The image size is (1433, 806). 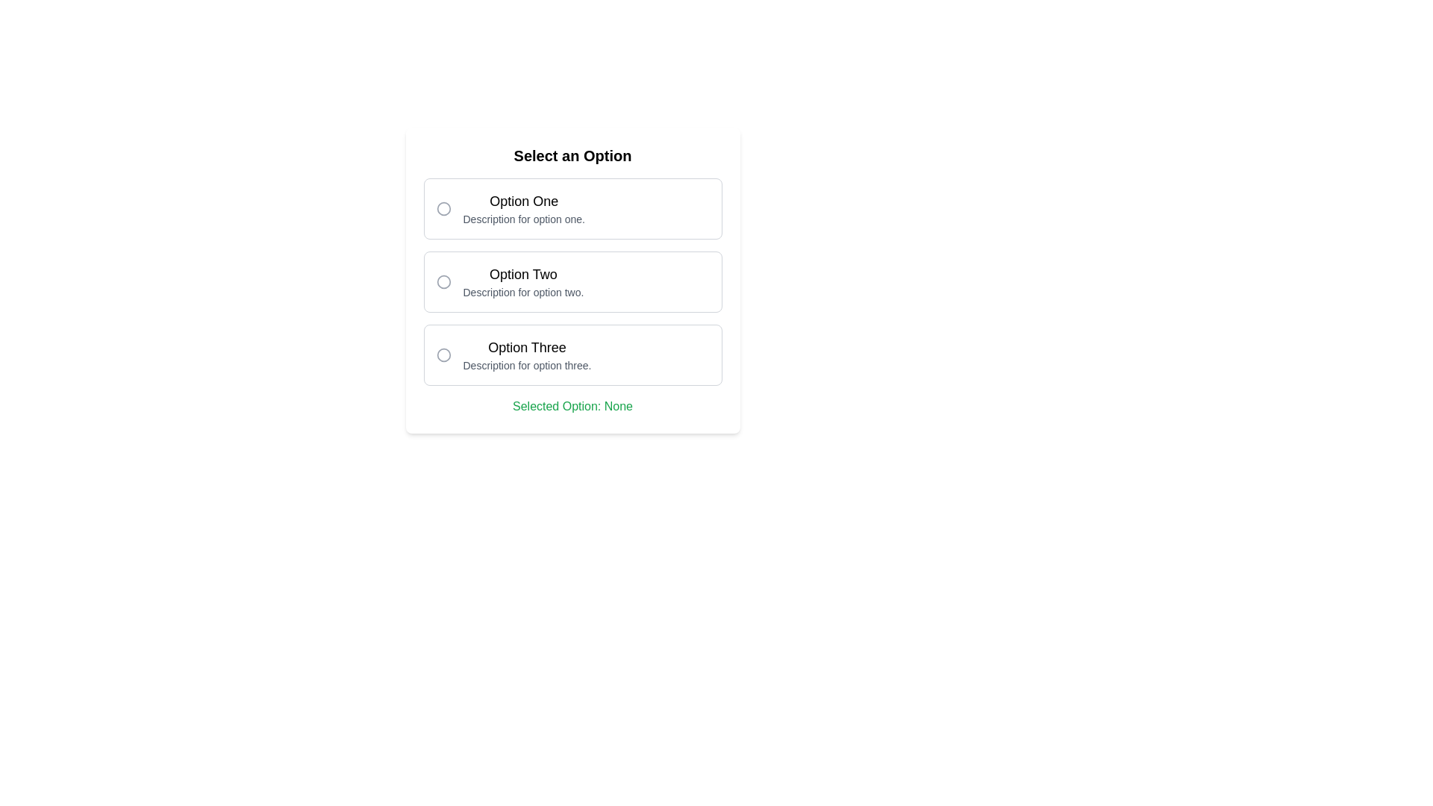 What do you see at coordinates (524, 201) in the screenshot?
I see `the text label displaying 'Option One' which is part of a selectable option block in the list` at bounding box center [524, 201].